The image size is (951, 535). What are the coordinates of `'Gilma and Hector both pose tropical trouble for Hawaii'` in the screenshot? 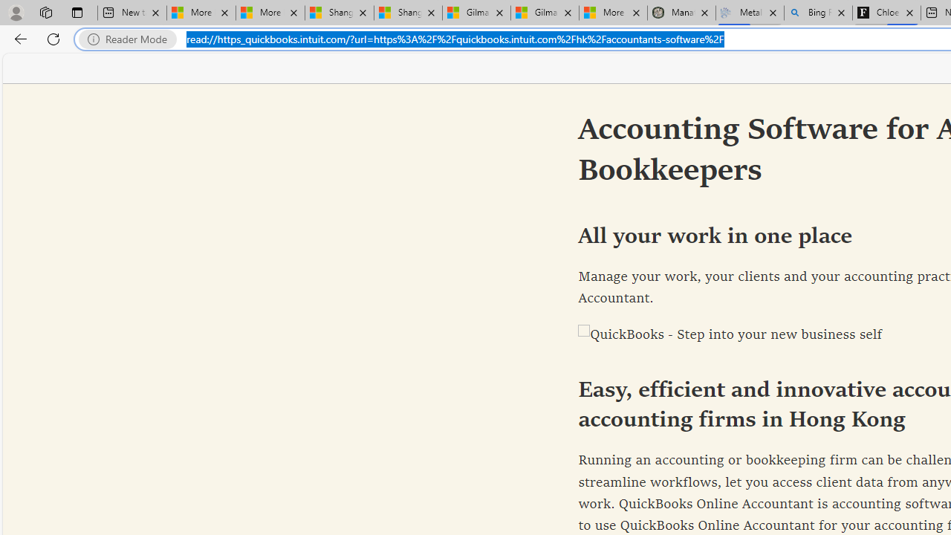 It's located at (544, 13).